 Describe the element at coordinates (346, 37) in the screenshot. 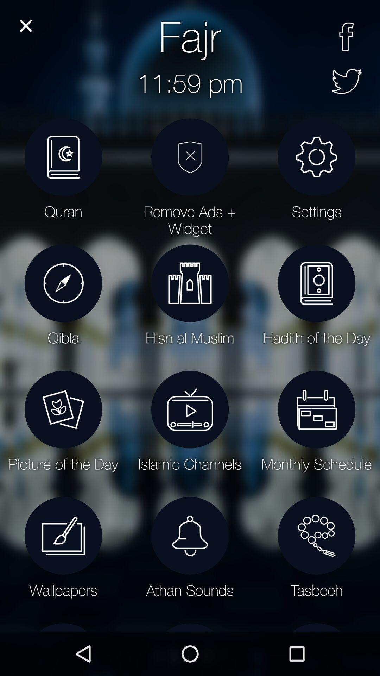

I see `the facebook icon` at that location.